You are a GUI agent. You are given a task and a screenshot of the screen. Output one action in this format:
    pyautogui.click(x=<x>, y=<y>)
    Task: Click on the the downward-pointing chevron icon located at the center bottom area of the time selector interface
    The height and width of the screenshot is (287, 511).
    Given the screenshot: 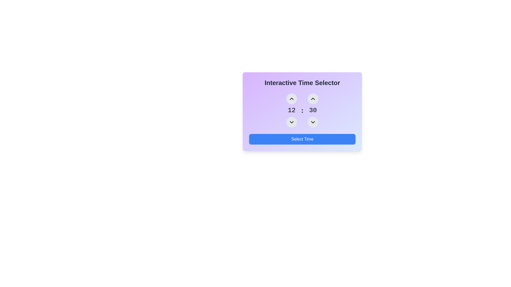 What is the action you would take?
    pyautogui.click(x=291, y=122)
    